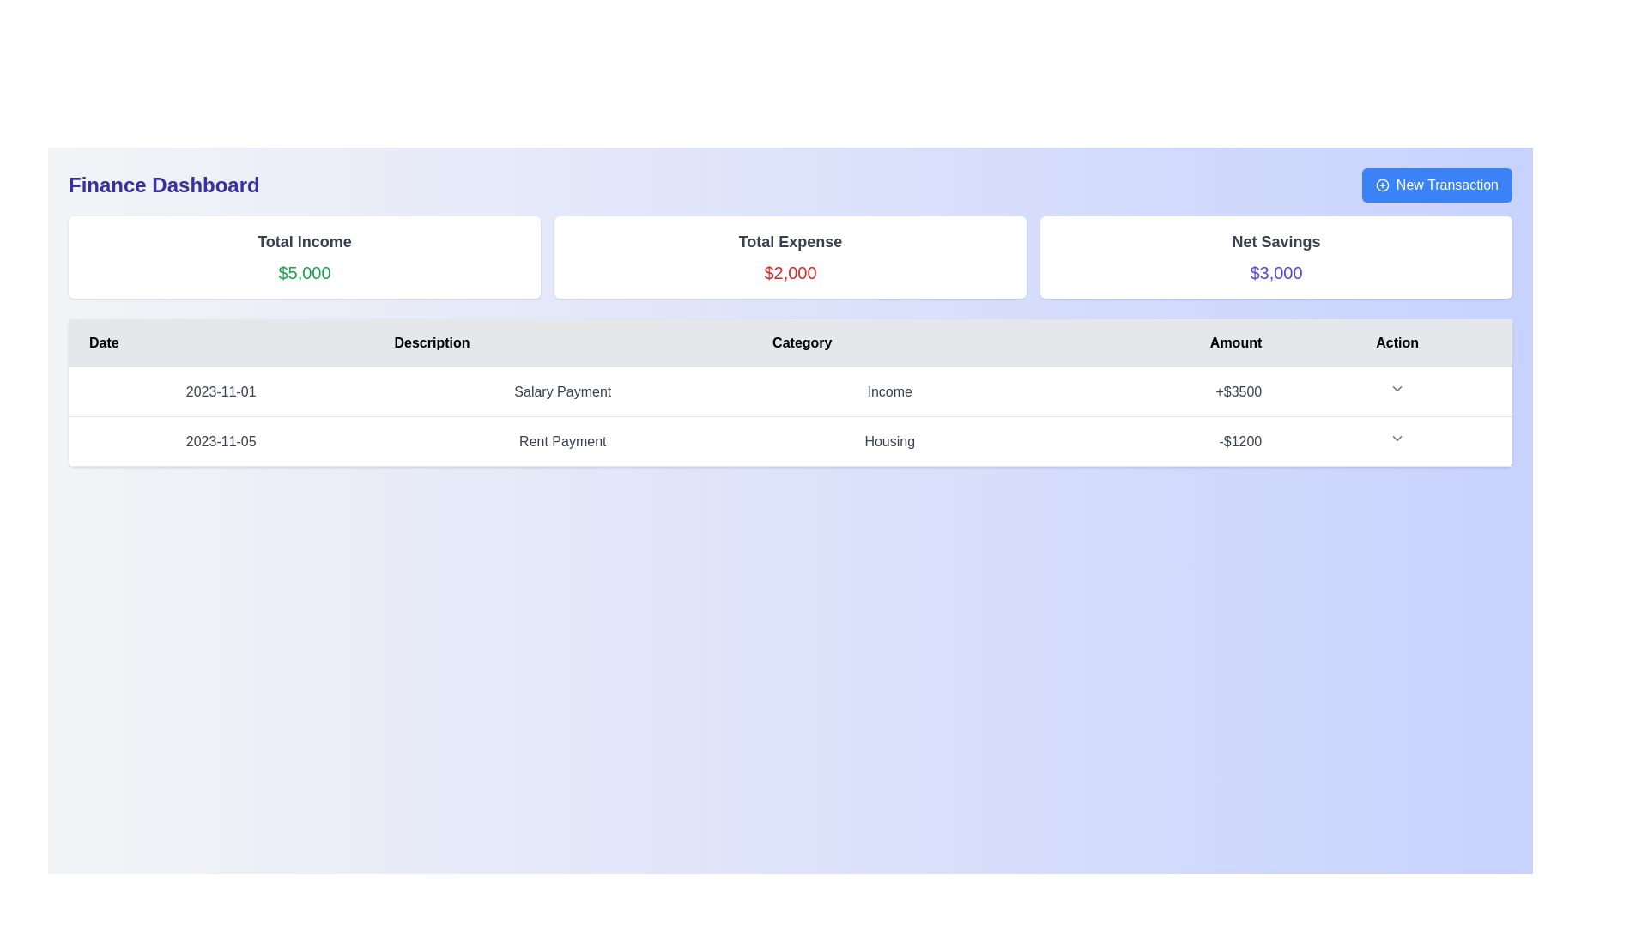 The image size is (1648, 927). Describe the element at coordinates (220, 391) in the screenshot. I see `the table cell displaying the date in the format 'YYYY-MM-DD' located in the first row and first column under the 'Date' header` at that location.